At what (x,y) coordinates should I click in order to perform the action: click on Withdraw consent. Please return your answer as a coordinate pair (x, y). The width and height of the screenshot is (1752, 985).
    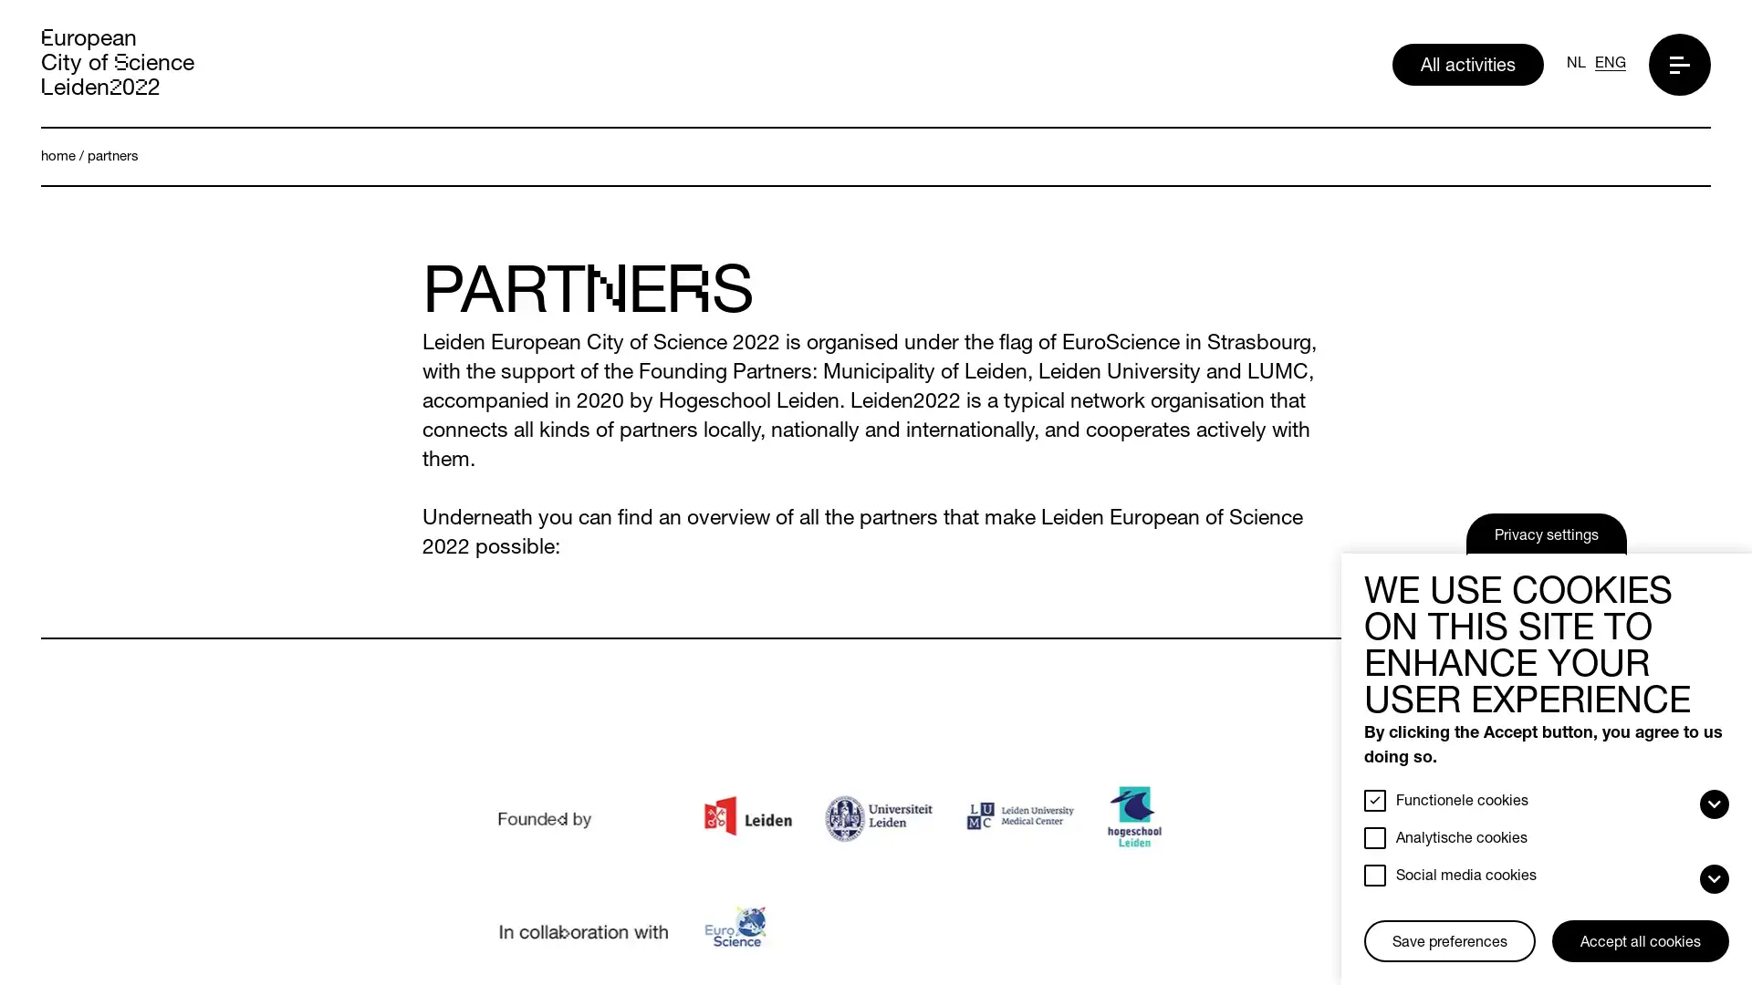
    Looking at the image, I should click on (1371, 922).